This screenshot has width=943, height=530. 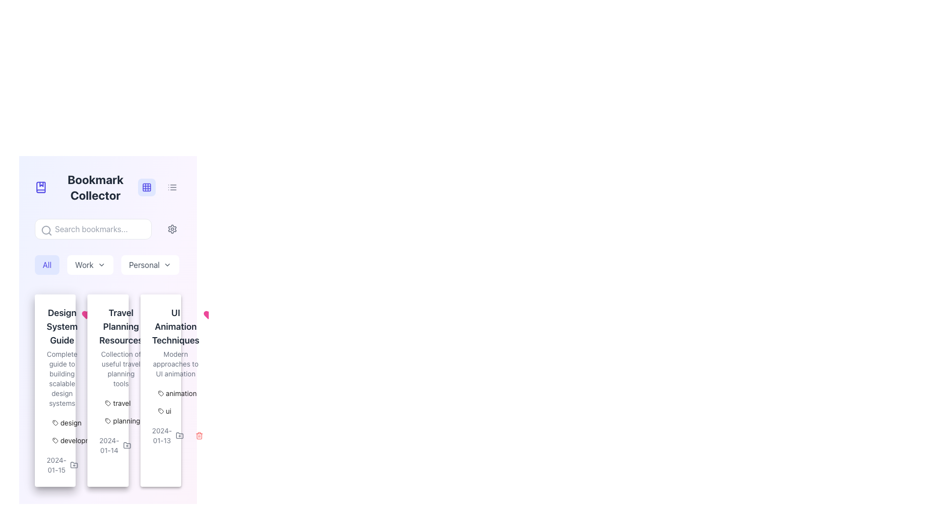 What do you see at coordinates (120, 369) in the screenshot?
I see `supplementary information text located below the 'Travel Planning Resources' heading within the second card from the left` at bounding box center [120, 369].